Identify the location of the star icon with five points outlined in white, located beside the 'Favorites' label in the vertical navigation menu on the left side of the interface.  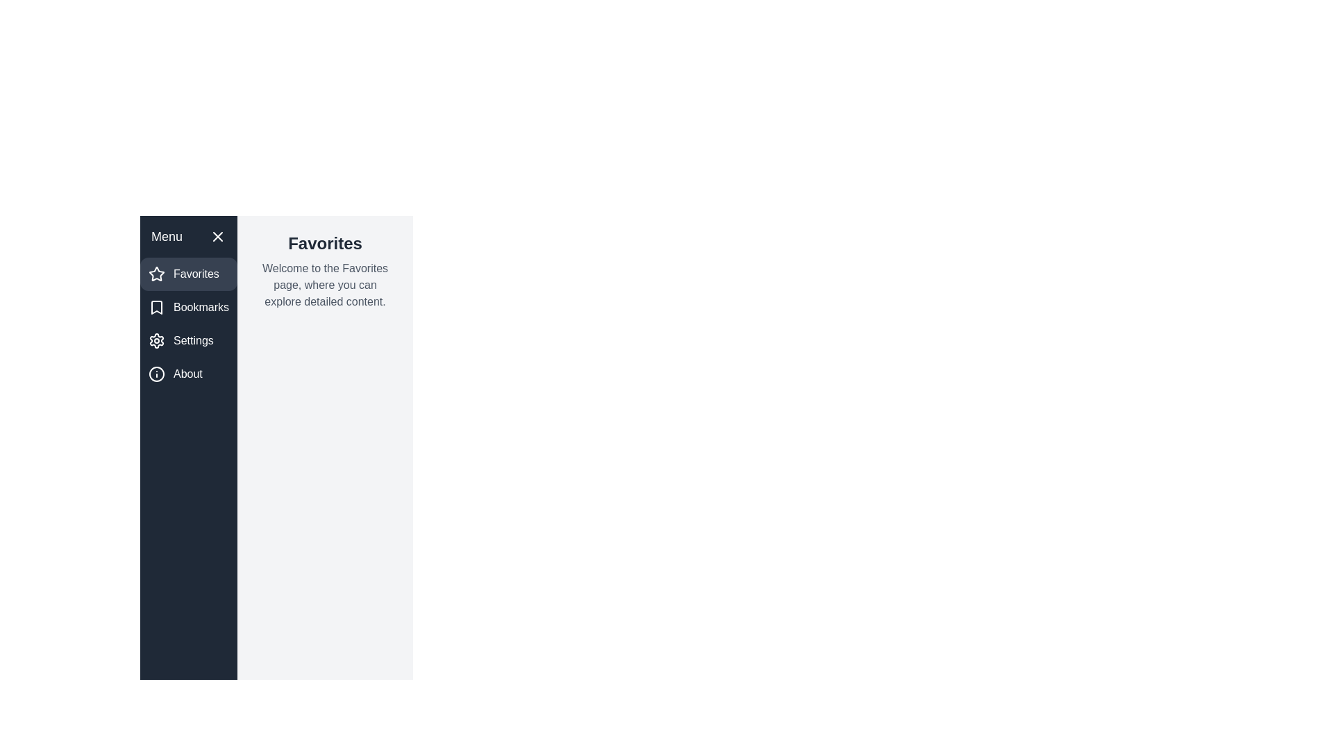
(156, 274).